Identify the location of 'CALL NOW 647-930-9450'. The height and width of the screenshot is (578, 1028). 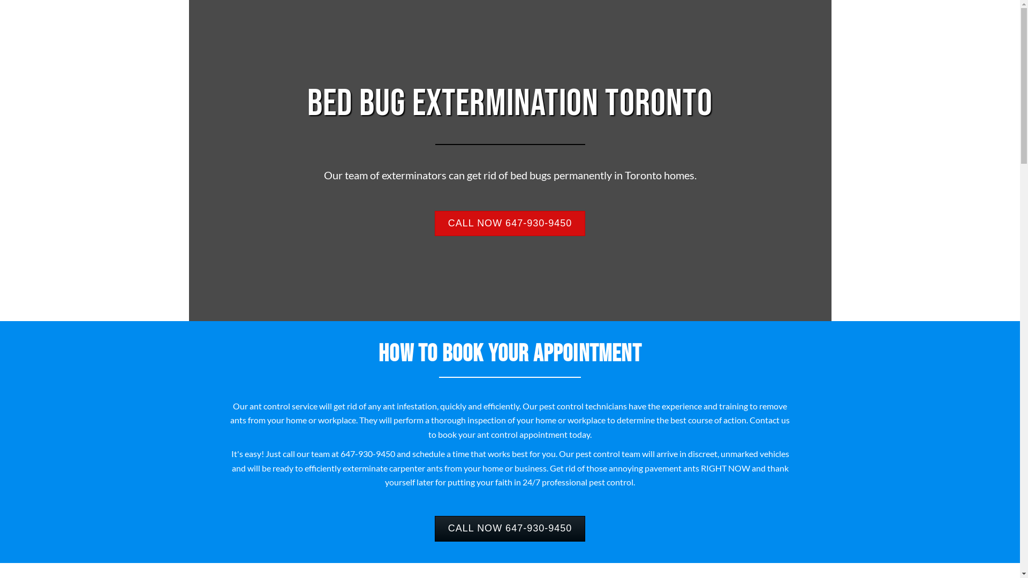
(509, 223).